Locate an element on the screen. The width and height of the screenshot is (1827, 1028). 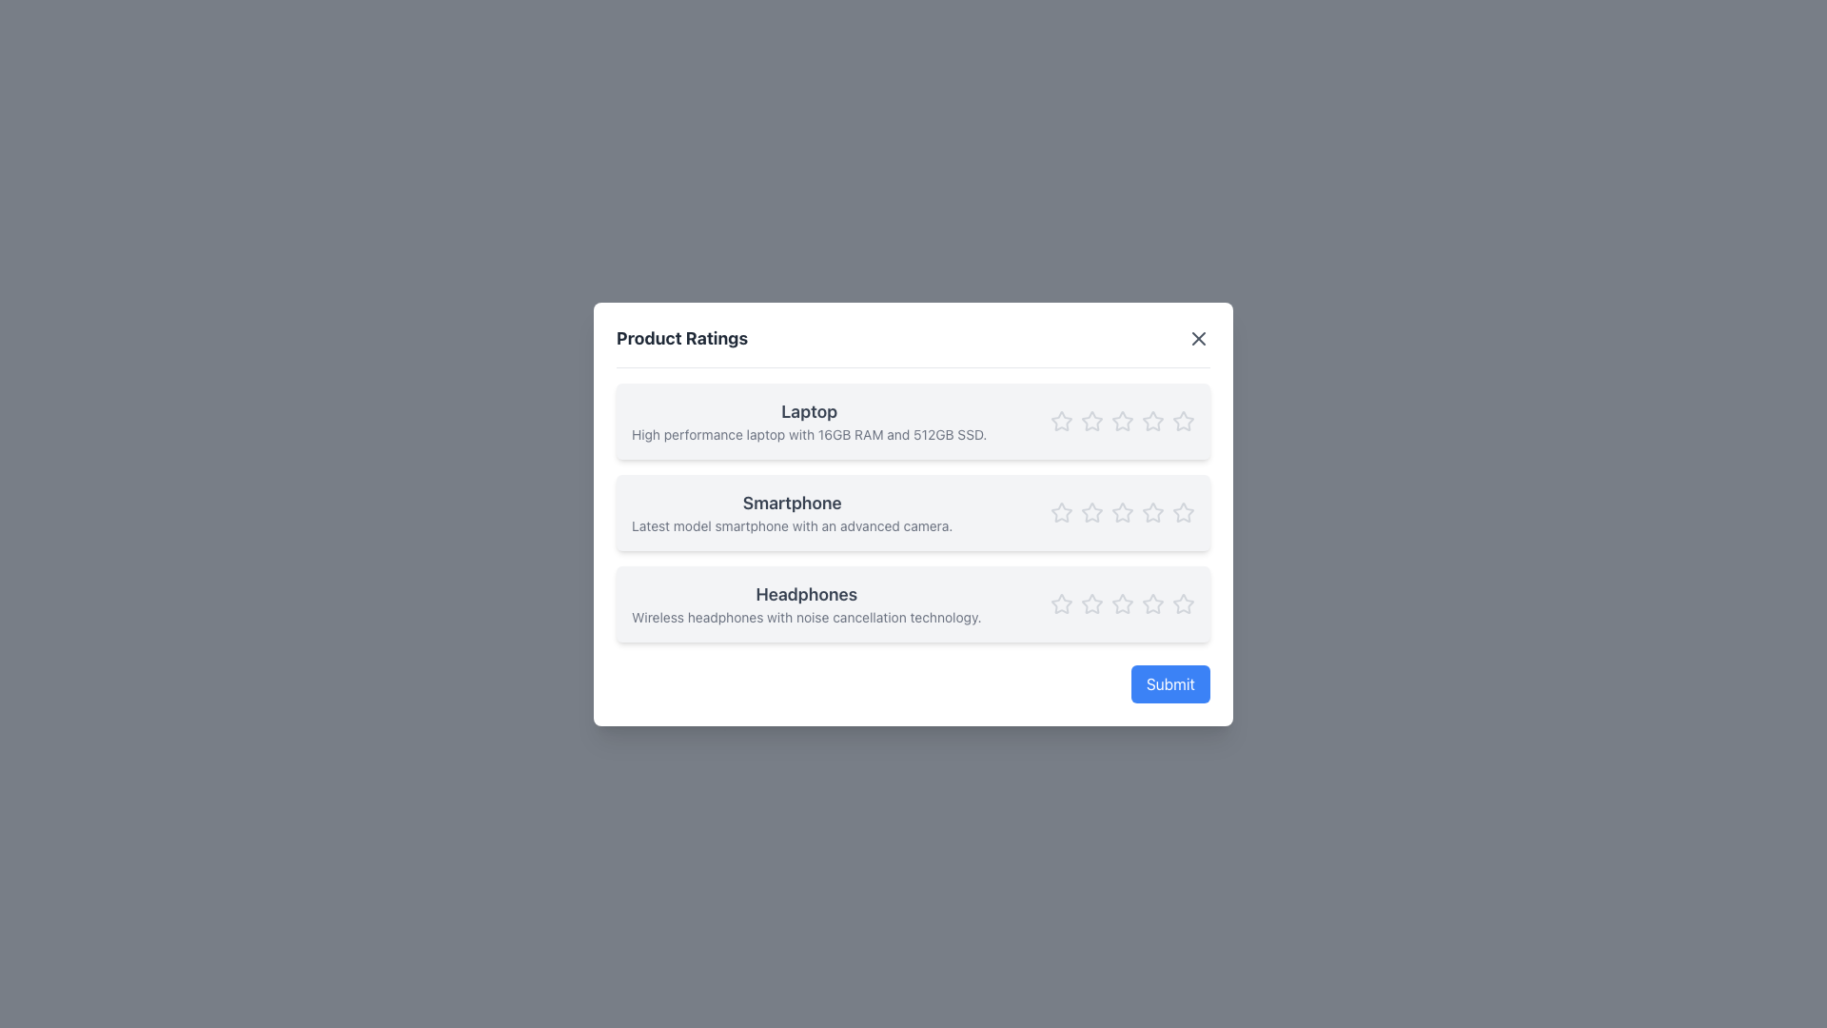
the fifth star-shaped rating icon located on the right-hand side of the 'Headphones' section to give a rating is located at coordinates (1182, 603).